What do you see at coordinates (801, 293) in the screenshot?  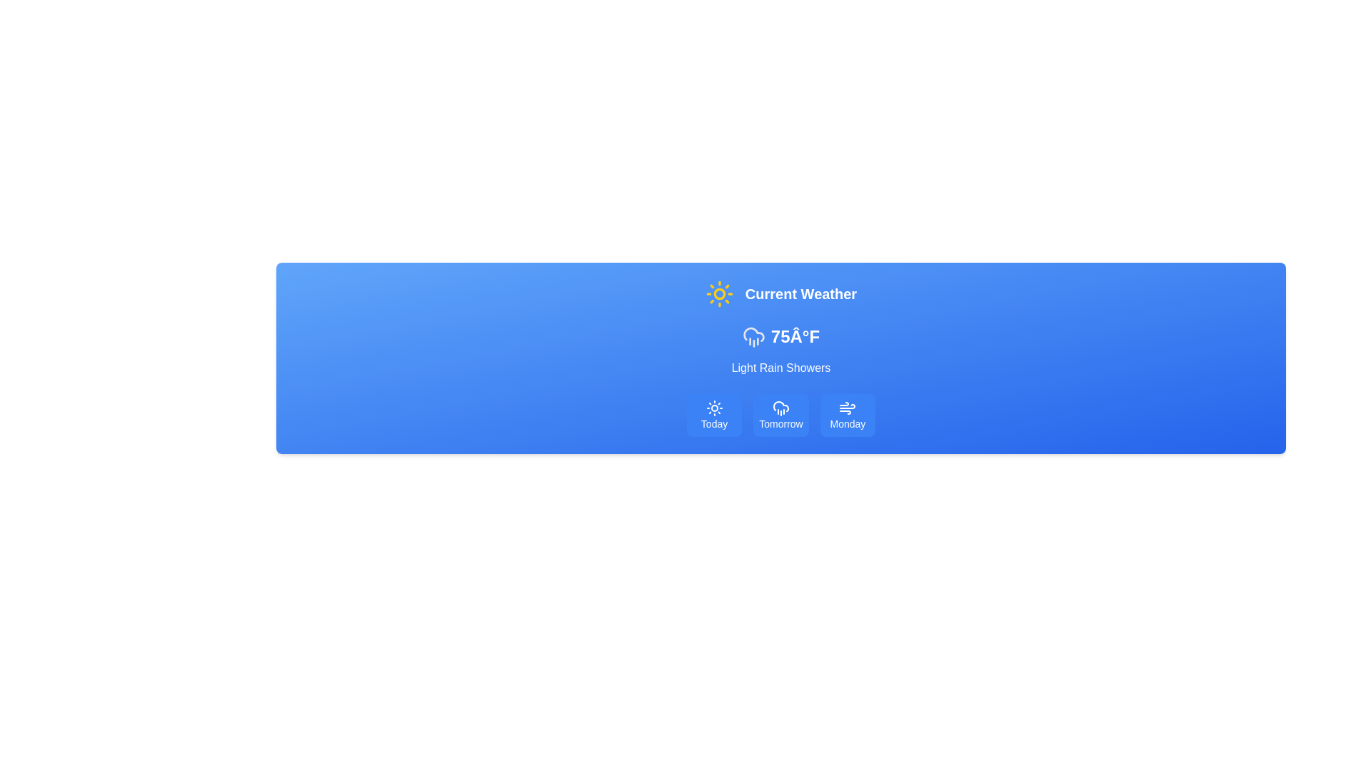 I see `the Text header that serves as a descriptive title for the current weather information, located at the top center of the component, slightly above the temperature and weather condition text` at bounding box center [801, 293].